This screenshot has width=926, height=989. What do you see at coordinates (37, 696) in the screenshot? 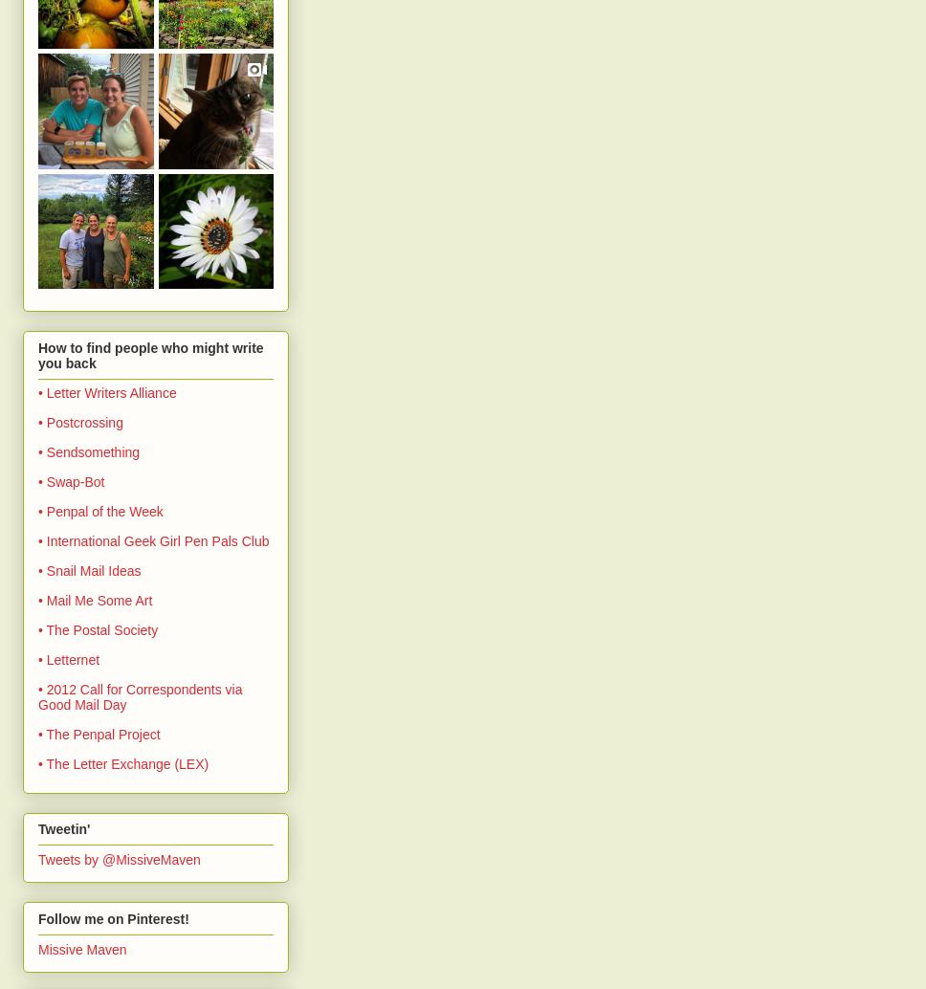
I see `'• 2012 Call for Correspondents via Good Mail Day'` at bounding box center [37, 696].